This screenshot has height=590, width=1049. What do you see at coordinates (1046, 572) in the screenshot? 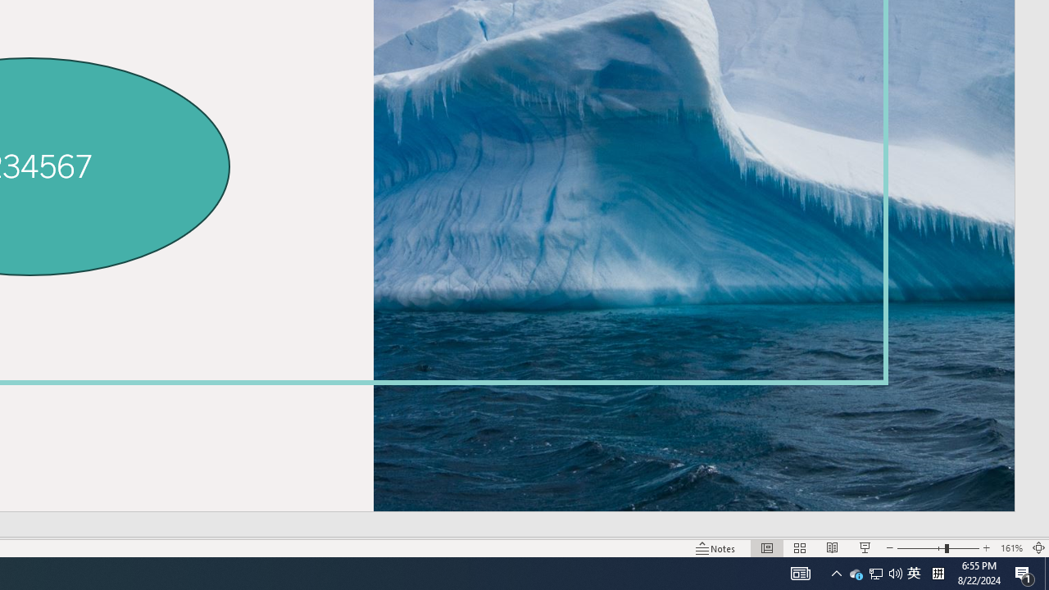
I see `'Show desktop'` at bounding box center [1046, 572].